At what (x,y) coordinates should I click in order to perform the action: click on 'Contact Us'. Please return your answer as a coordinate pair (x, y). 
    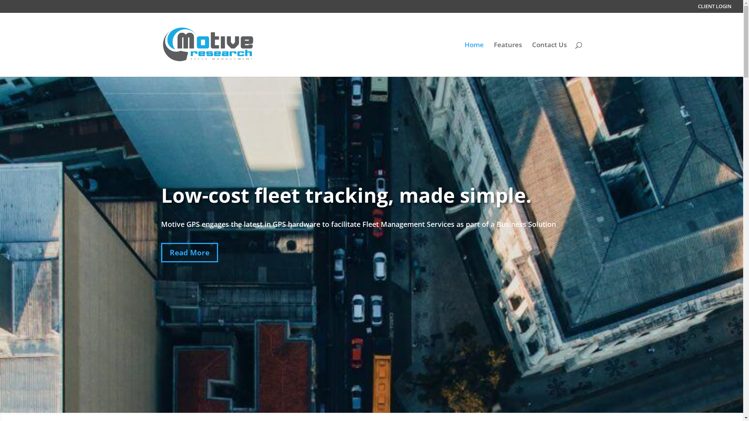
    Looking at the image, I should click on (531, 59).